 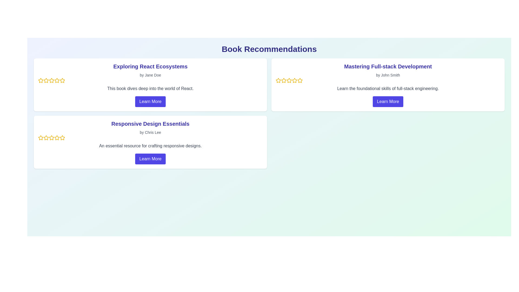 What do you see at coordinates (388, 101) in the screenshot?
I see `the 'Learn More' button, which is a rounded rectangular indigo button with white text located at the bottom of the 'Mastering Full-stack Development' card` at bounding box center [388, 101].